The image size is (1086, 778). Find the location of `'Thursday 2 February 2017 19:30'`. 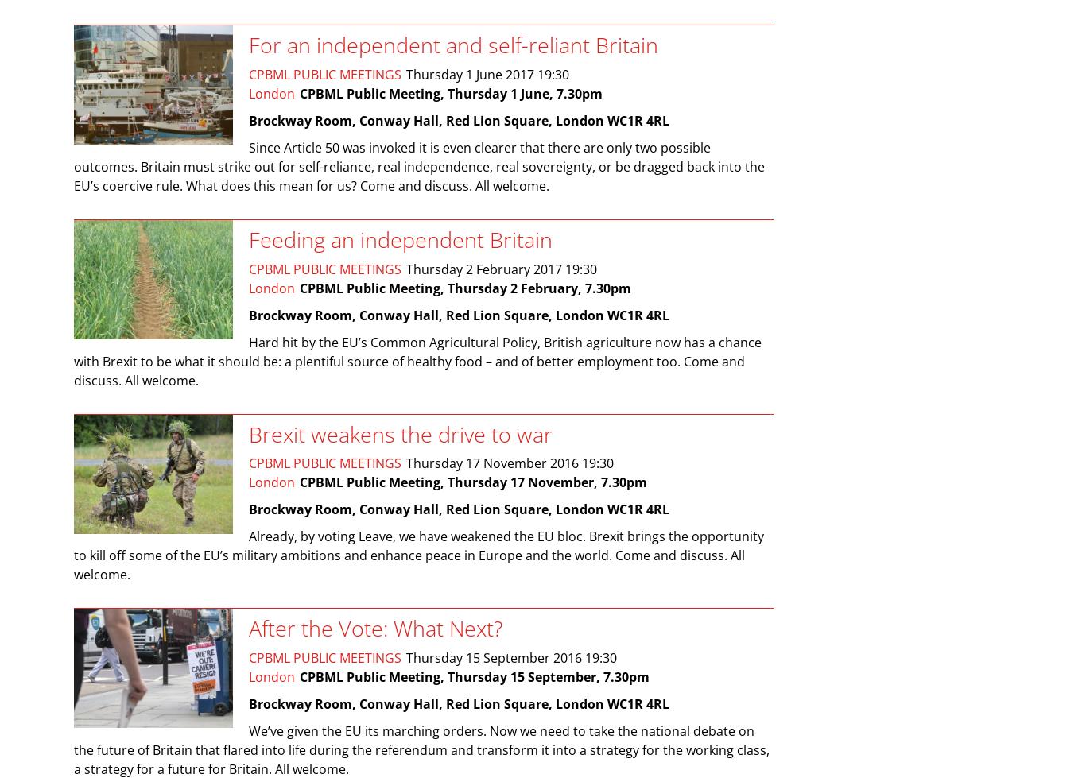

'Thursday 2 February 2017 19:30' is located at coordinates (406, 269).